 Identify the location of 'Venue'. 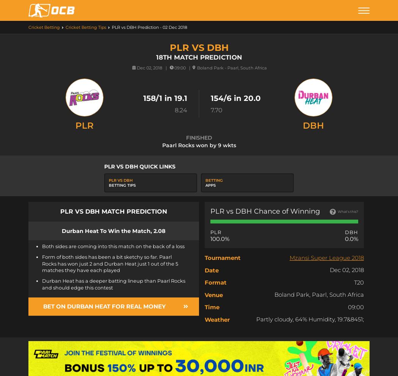
(205, 294).